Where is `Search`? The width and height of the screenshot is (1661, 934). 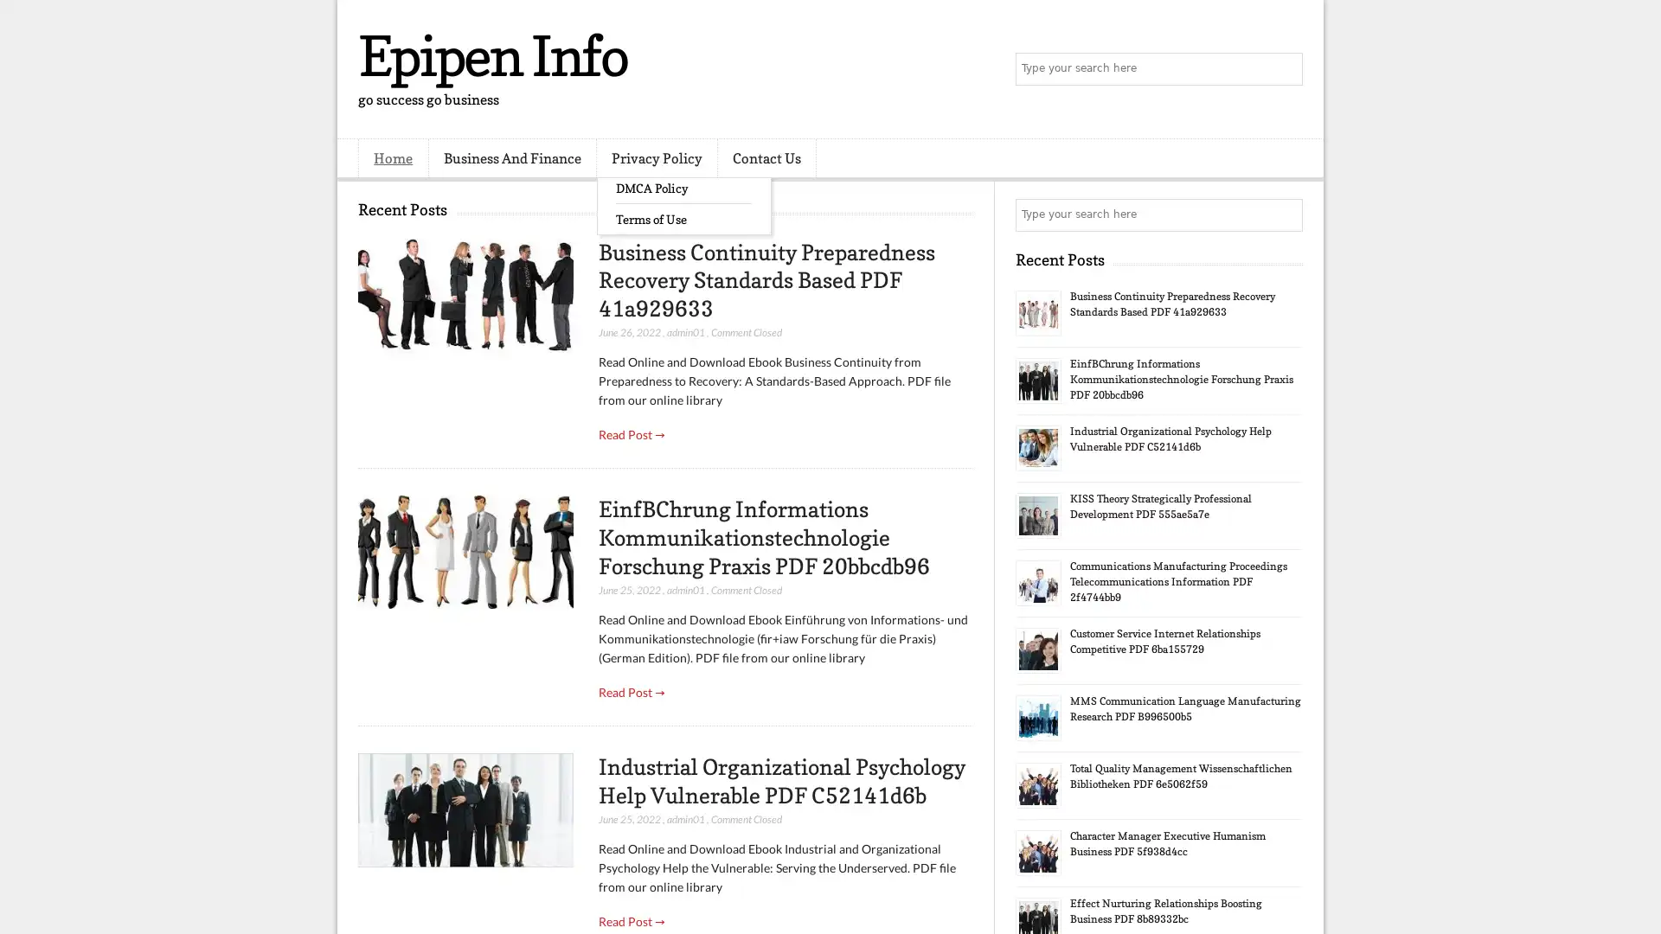 Search is located at coordinates (1285, 69).